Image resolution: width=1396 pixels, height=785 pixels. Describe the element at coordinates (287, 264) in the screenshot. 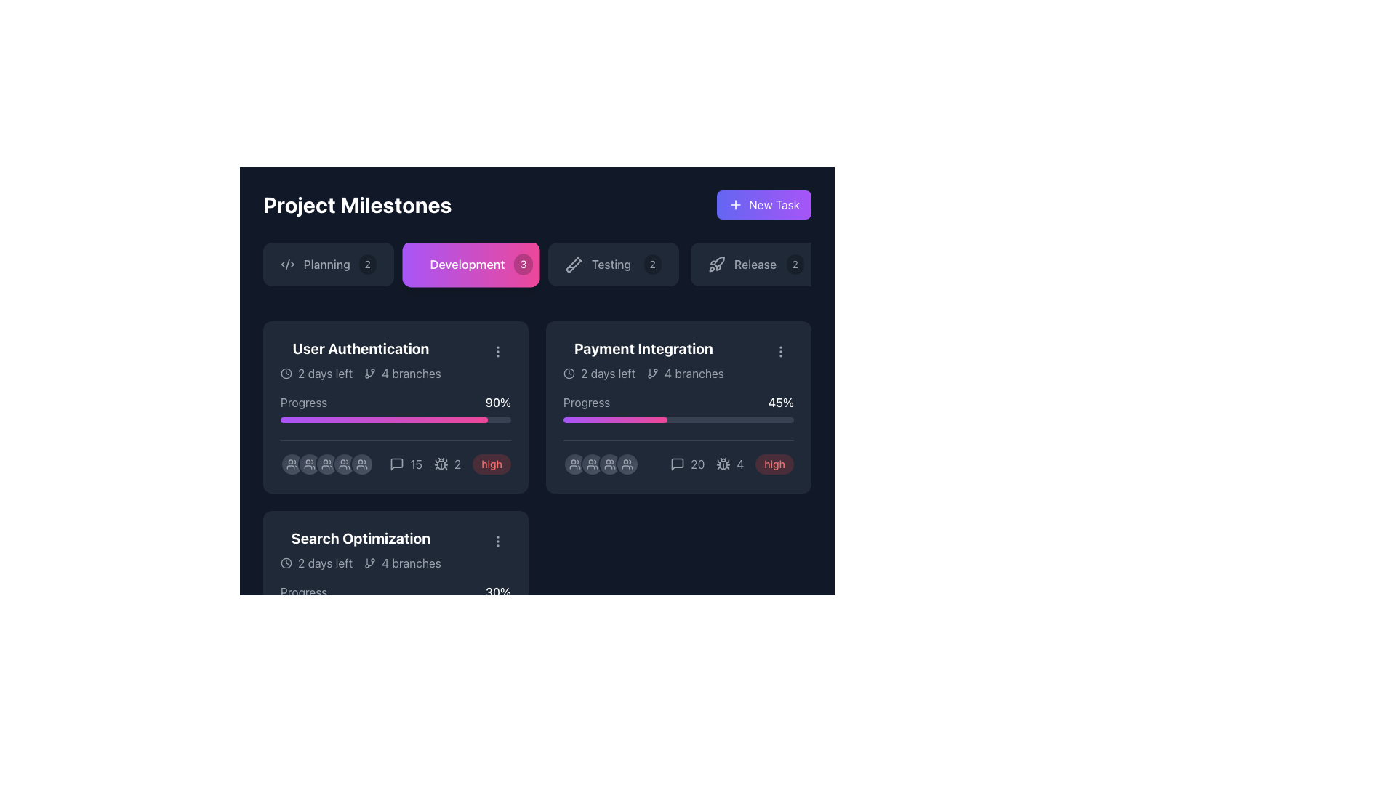

I see `the 'Planning' SVG Icon, which is located on the left side of the 'Planning' button in the top horizontal navigation bar` at that location.